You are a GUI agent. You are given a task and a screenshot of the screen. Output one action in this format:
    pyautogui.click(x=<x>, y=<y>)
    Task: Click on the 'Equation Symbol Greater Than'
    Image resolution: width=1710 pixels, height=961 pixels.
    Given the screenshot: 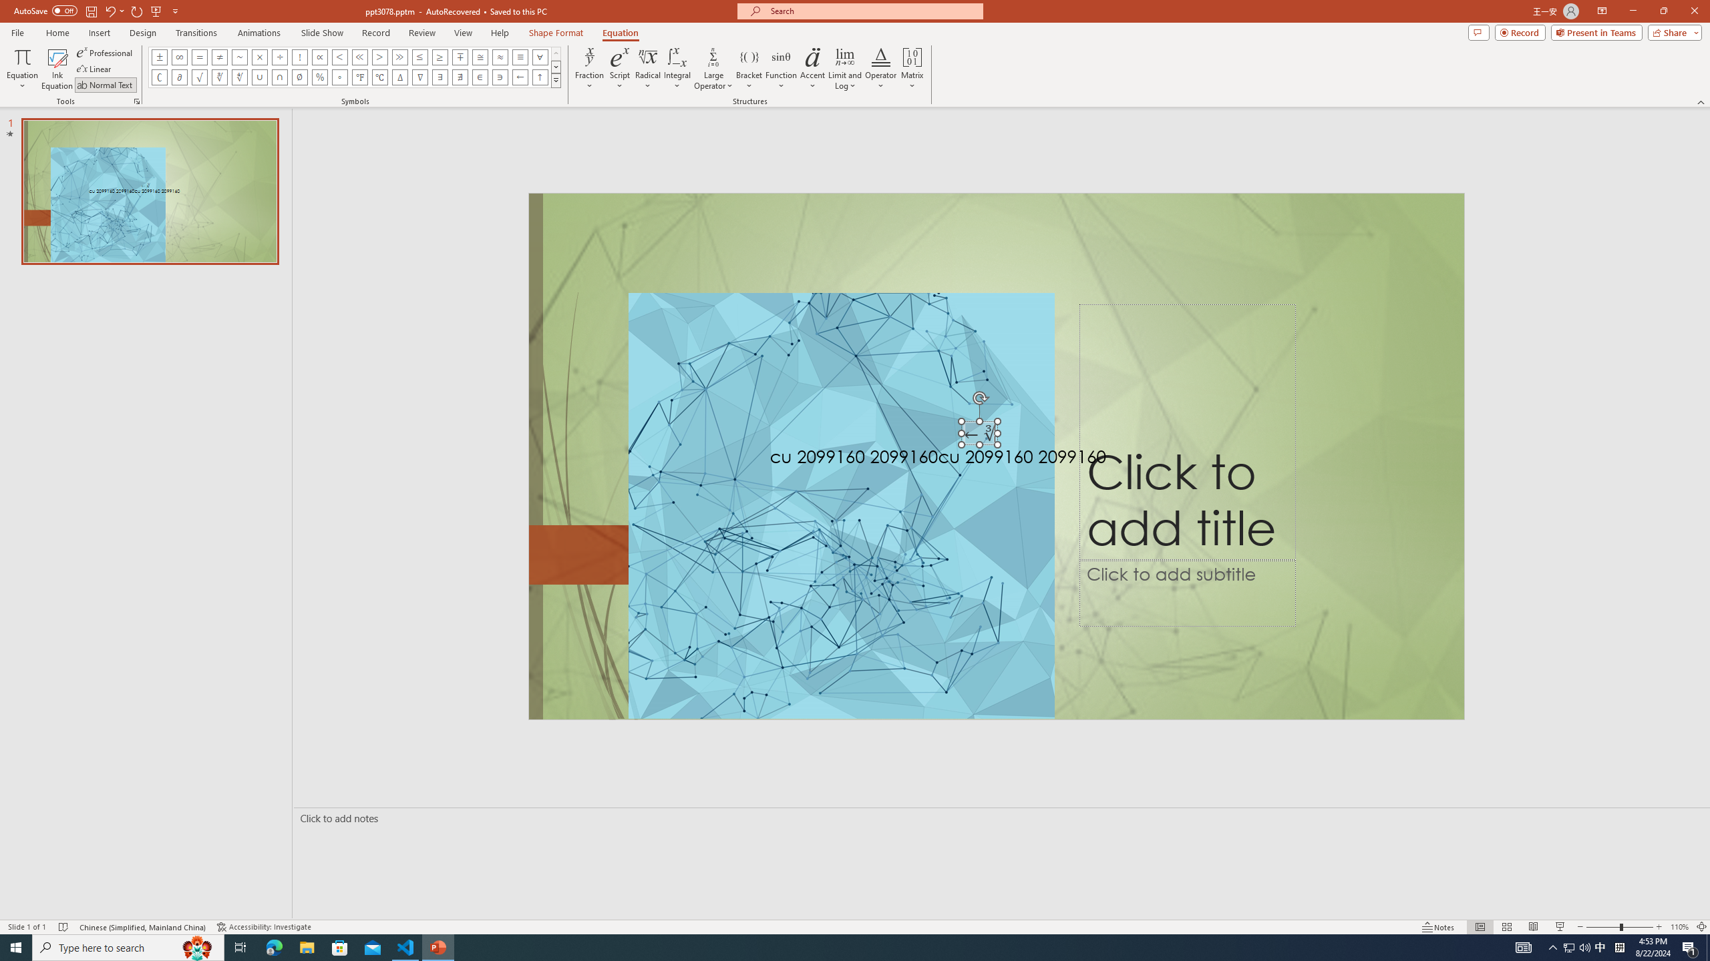 What is the action you would take?
    pyautogui.click(x=379, y=56)
    